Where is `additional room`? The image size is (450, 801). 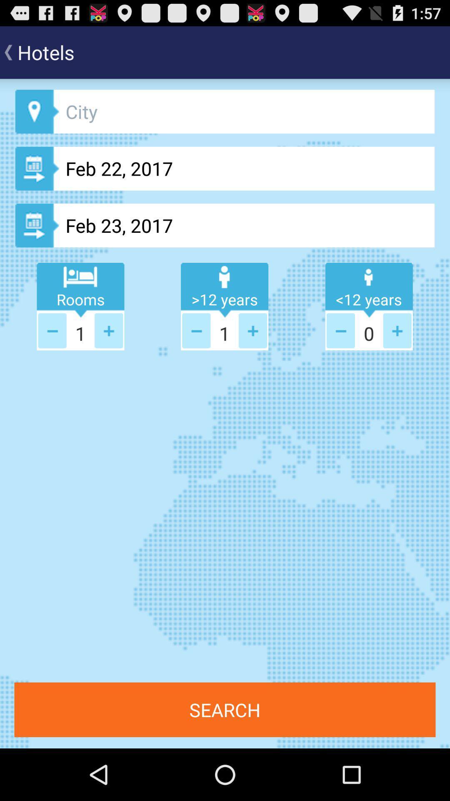 additional room is located at coordinates (108, 330).